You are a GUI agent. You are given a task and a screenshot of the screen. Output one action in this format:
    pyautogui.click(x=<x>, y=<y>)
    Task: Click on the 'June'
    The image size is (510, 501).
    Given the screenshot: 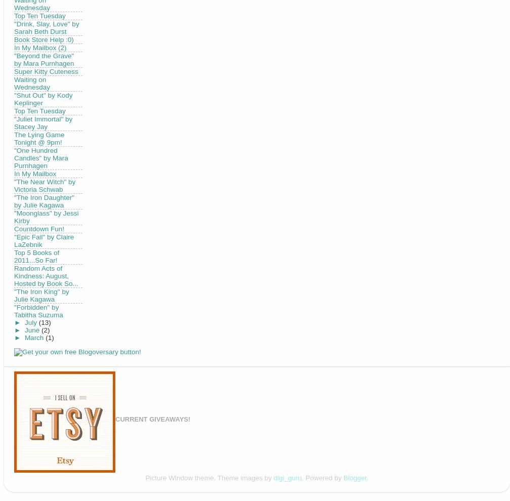 What is the action you would take?
    pyautogui.click(x=24, y=329)
    